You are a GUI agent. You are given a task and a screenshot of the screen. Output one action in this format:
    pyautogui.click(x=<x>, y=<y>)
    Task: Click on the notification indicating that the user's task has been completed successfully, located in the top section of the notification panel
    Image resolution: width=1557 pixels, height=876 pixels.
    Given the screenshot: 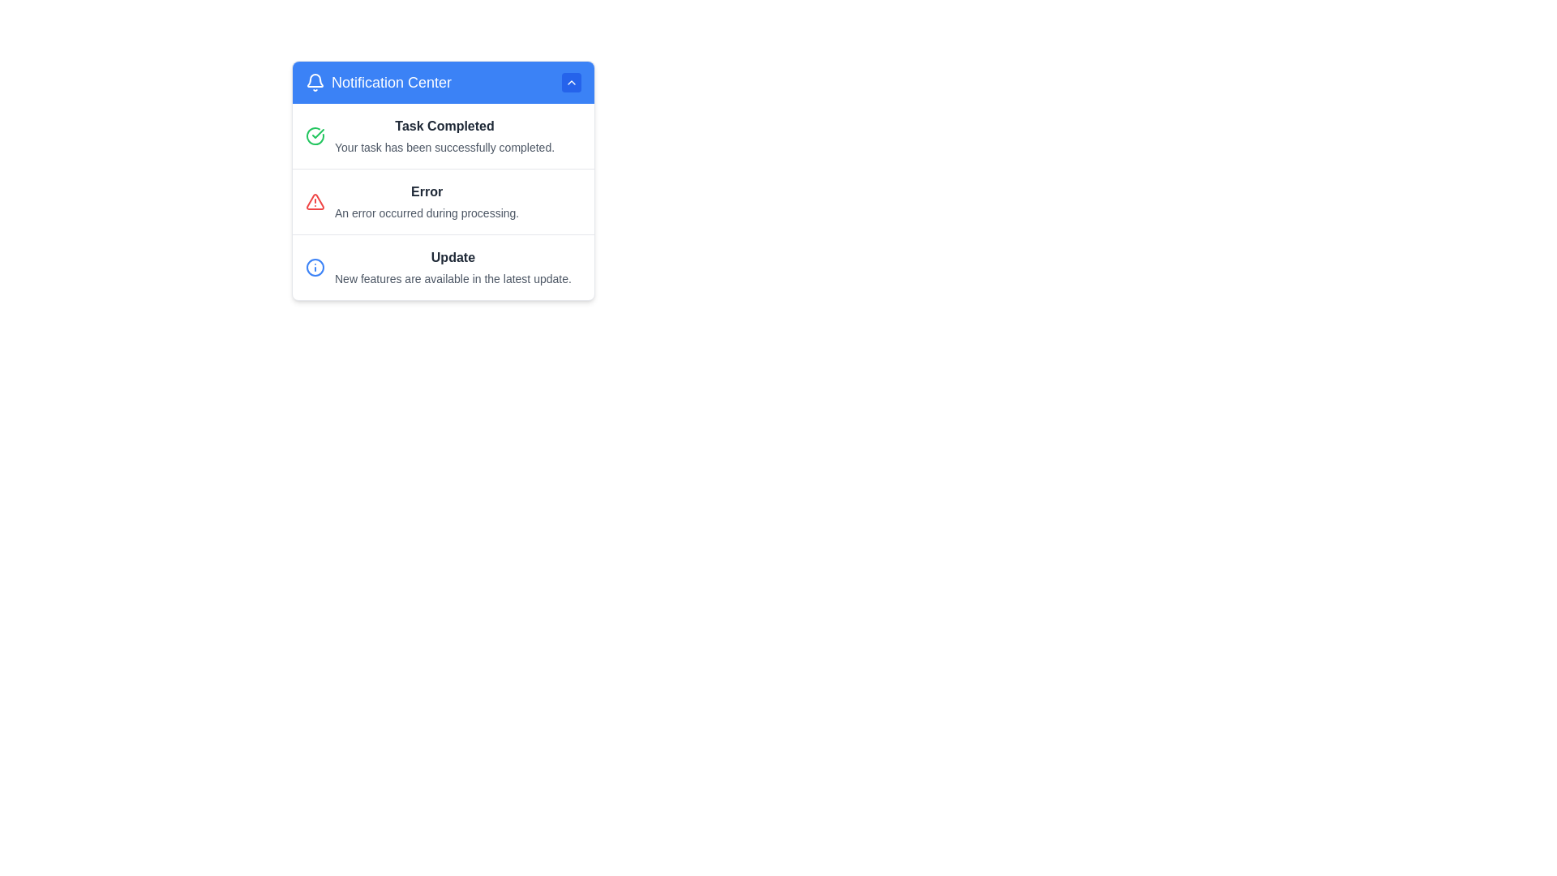 What is the action you would take?
    pyautogui.click(x=444, y=135)
    